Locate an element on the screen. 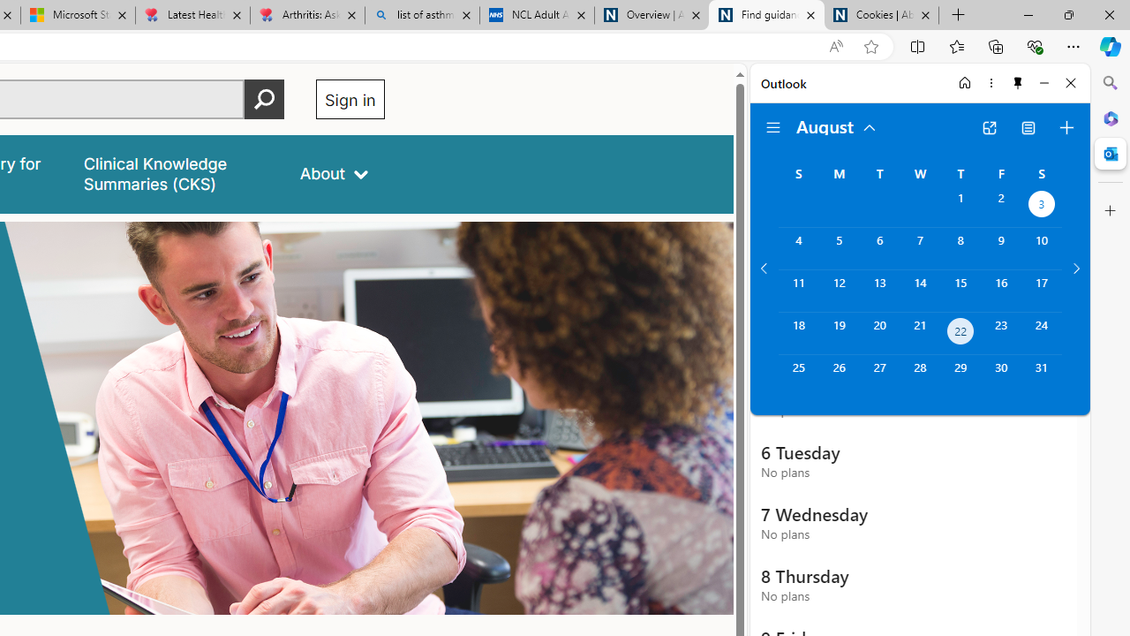 The height and width of the screenshot is (636, 1130). 'false' is located at coordinates (176, 174).